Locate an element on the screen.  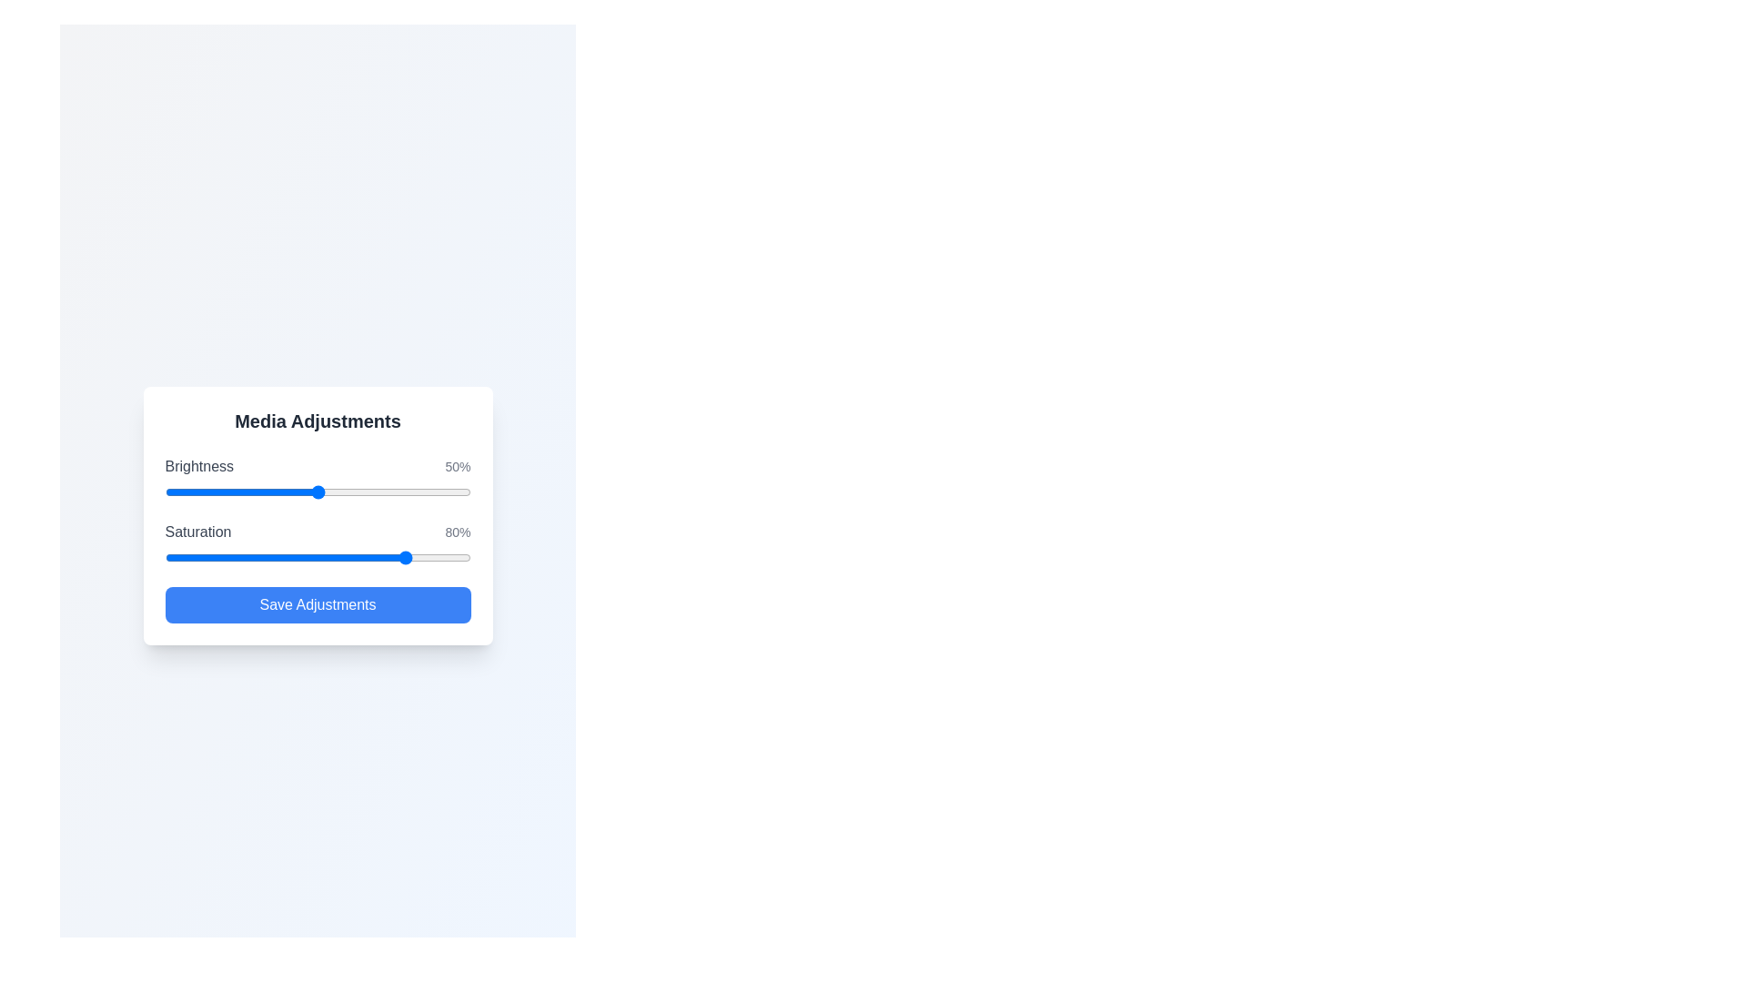
the brightness slider to 47% is located at coordinates (308, 491).